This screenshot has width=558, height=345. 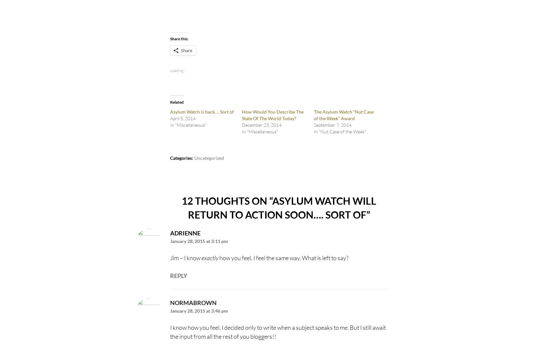 What do you see at coordinates (193, 302) in the screenshot?
I see `'normabrown'` at bounding box center [193, 302].